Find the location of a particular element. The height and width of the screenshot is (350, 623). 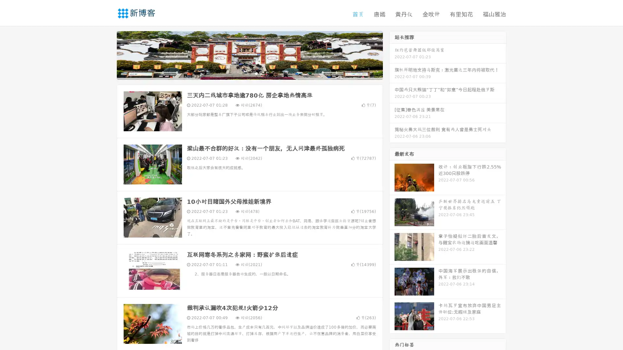

Next slide is located at coordinates (392, 54).